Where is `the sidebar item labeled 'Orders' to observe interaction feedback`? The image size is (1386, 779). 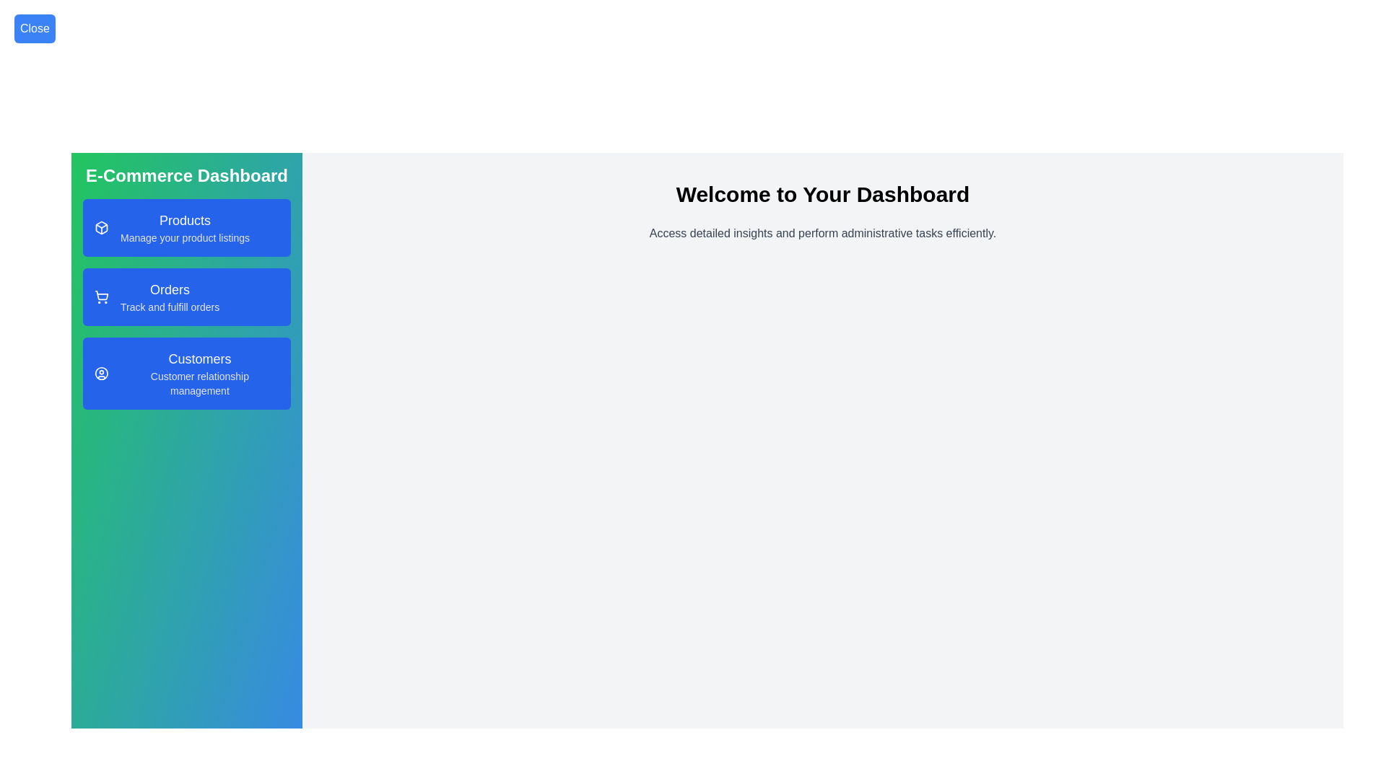
the sidebar item labeled 'Orders' to observe interaction feedback is located at coordinates (186, 296).